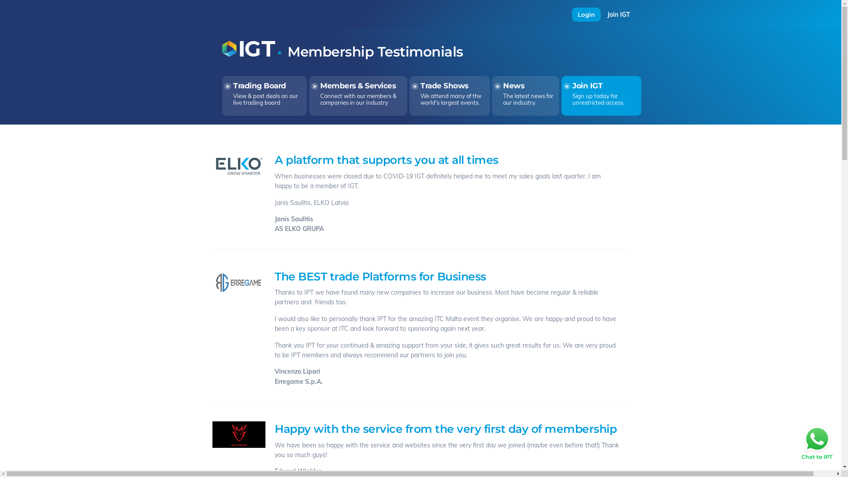 This screenshot has height=477, width=848. What do you see at coordinates (264, 95) in the screenshot?
I see `'Trading Board` at bounding box center [264, 95].